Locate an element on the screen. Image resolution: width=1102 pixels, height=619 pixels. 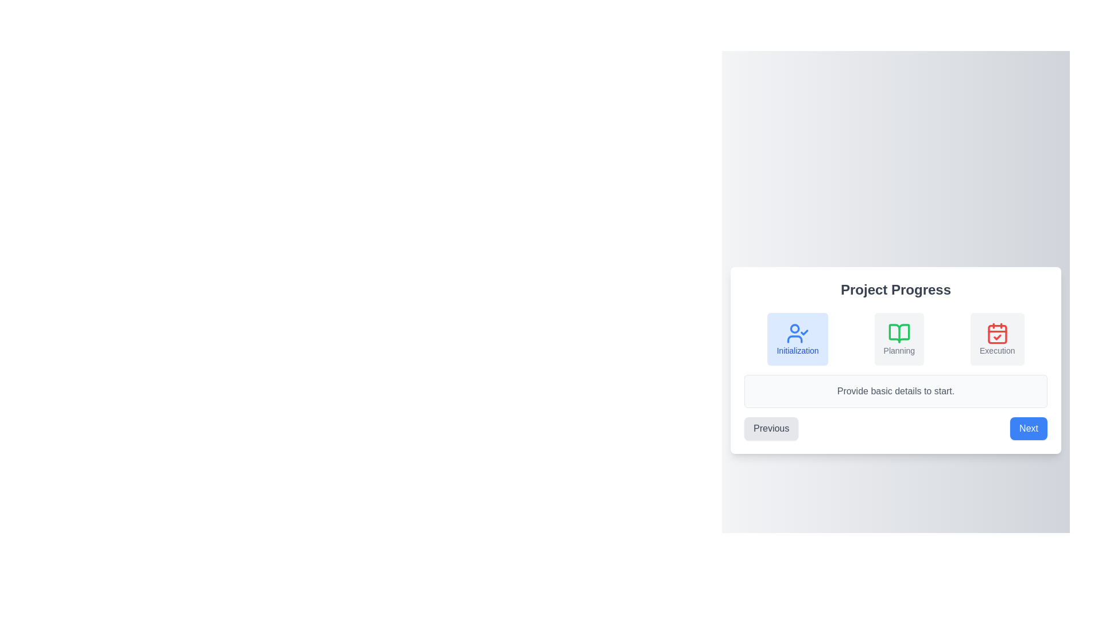
the step Execution in the step progress indicator is located at coordinates (996, 338).